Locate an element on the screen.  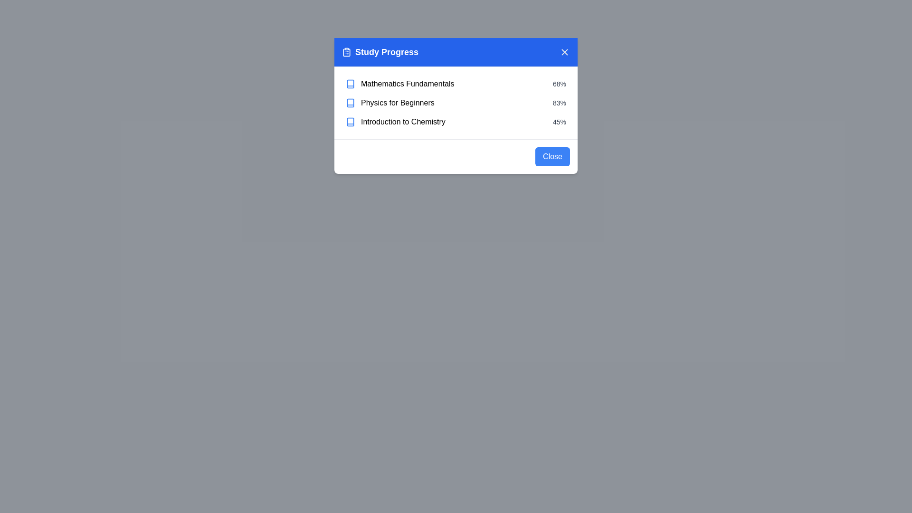
the decorative icon symbolizing study or knowledge, located at the top left corner of the modal window next to the title text 'Study Progress' is located at coordinates (350, 103).